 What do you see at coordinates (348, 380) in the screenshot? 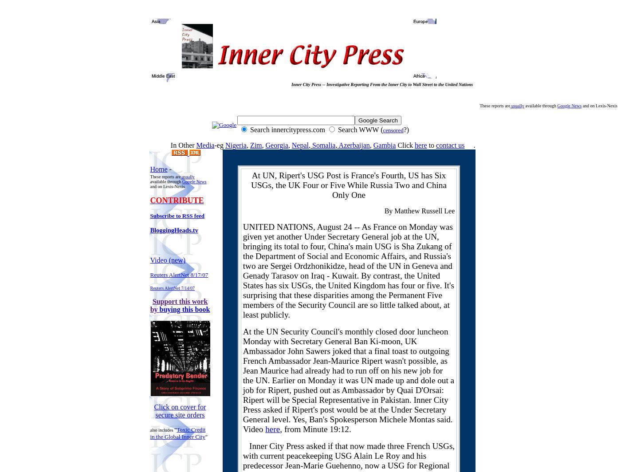
I see `'At
the UN Security Council's monthly closed door luncheon Monday with
Secretary General Ban Ki-moon, UK Ambassador John Sawers joked that a
final toast to outgoing French Ambassador Jean-Maurice Ripert wasn't
possible, as Jean Maurice had already had to run off on his new job
for the UN. Earlier on Monday it was UN made up and dole out a job
for Ripert, pushed out as Ambassador by Quai D'Orsai: Ripert will be
Special Representative in Pakistan. Inner City Press asked if
Ripert's post would be at the Under Secretary General level. Yes,
Ban's Spokesperson Michele Montas said. Video'` at bounding box center [348, 380].